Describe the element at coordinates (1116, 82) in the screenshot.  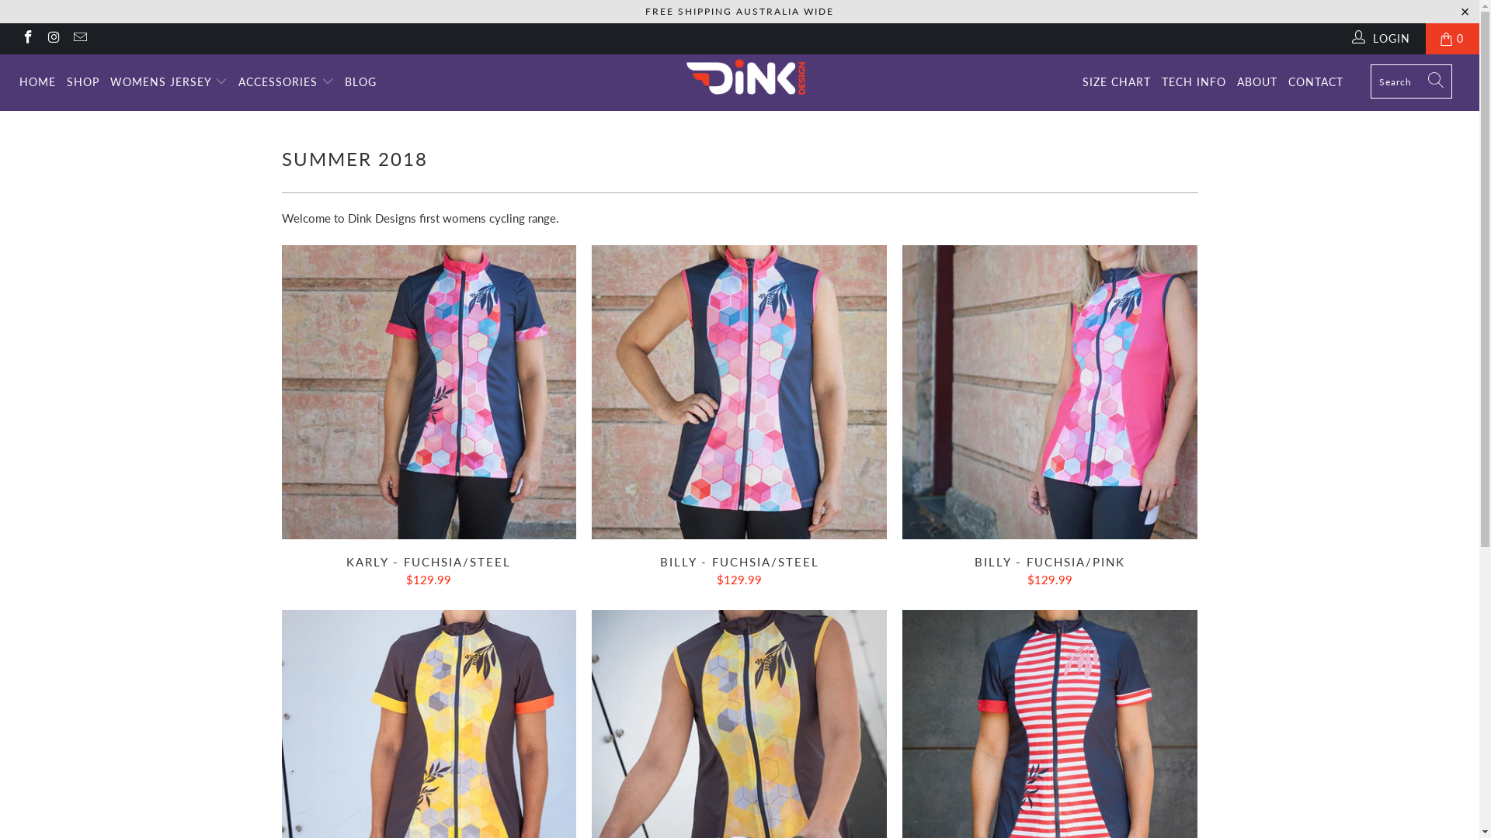
I see `'SIZE CHART'` at that location.